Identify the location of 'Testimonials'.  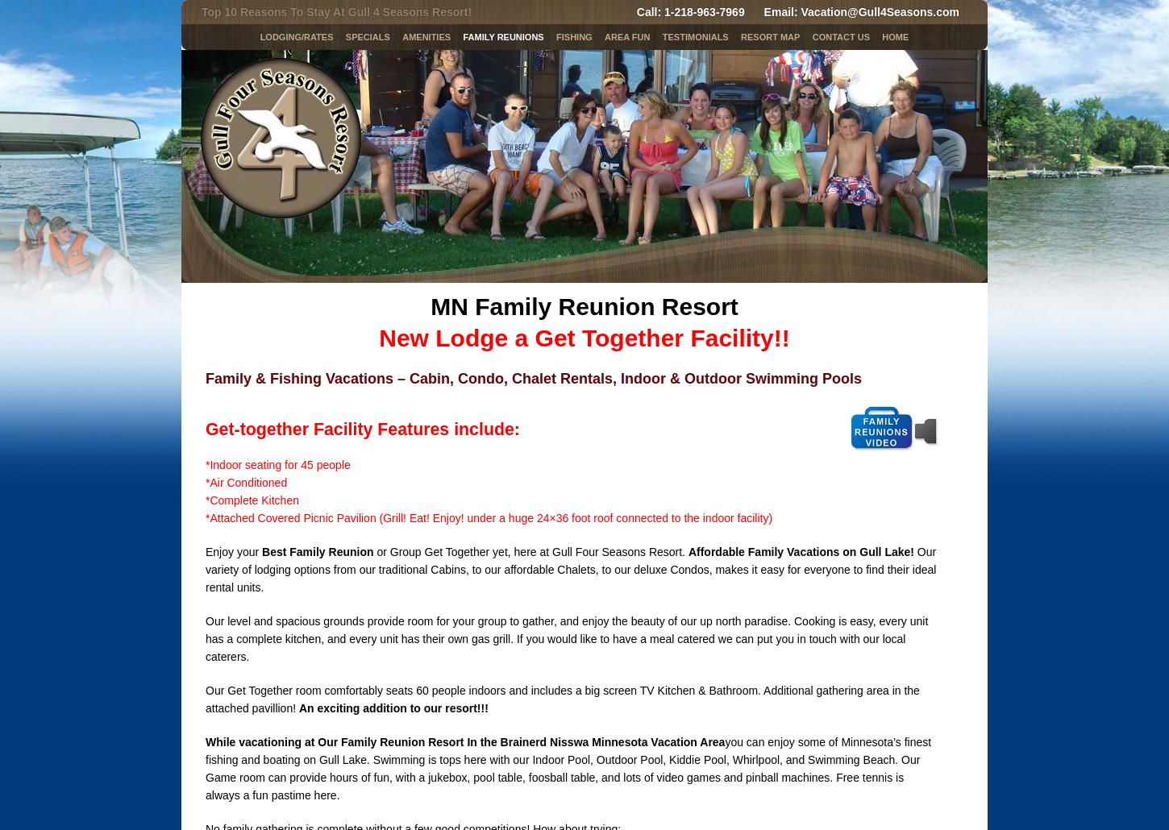
(694, 37).